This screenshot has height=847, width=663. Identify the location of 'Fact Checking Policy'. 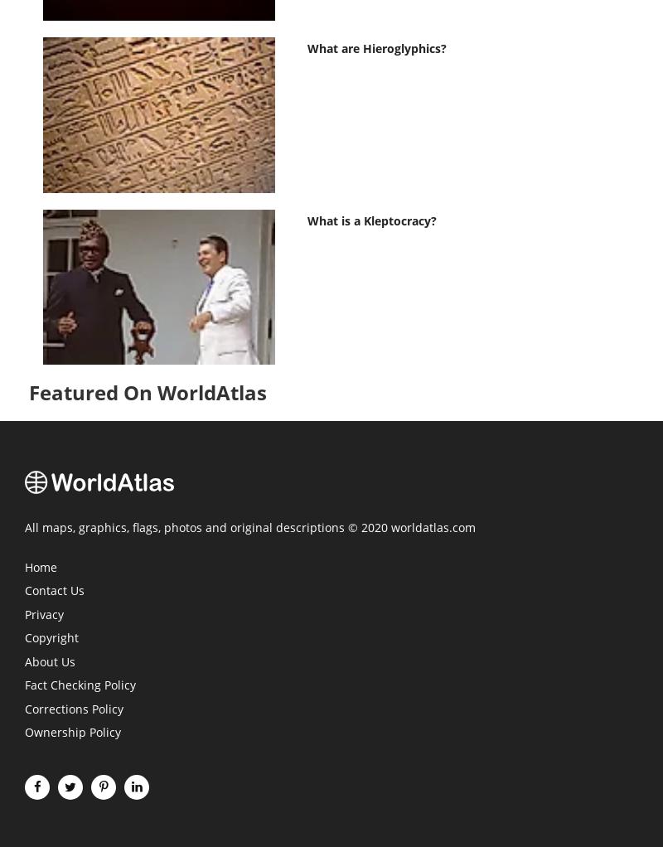
(80, 685).